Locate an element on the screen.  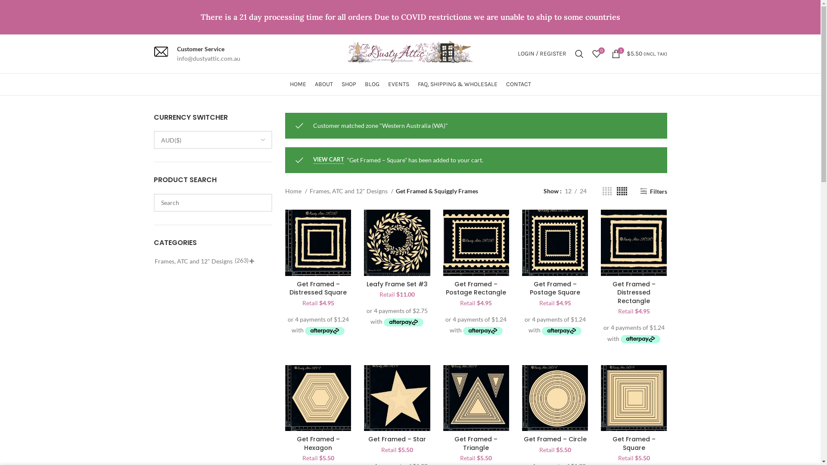
'Search' is located at coordinates (579, 53).